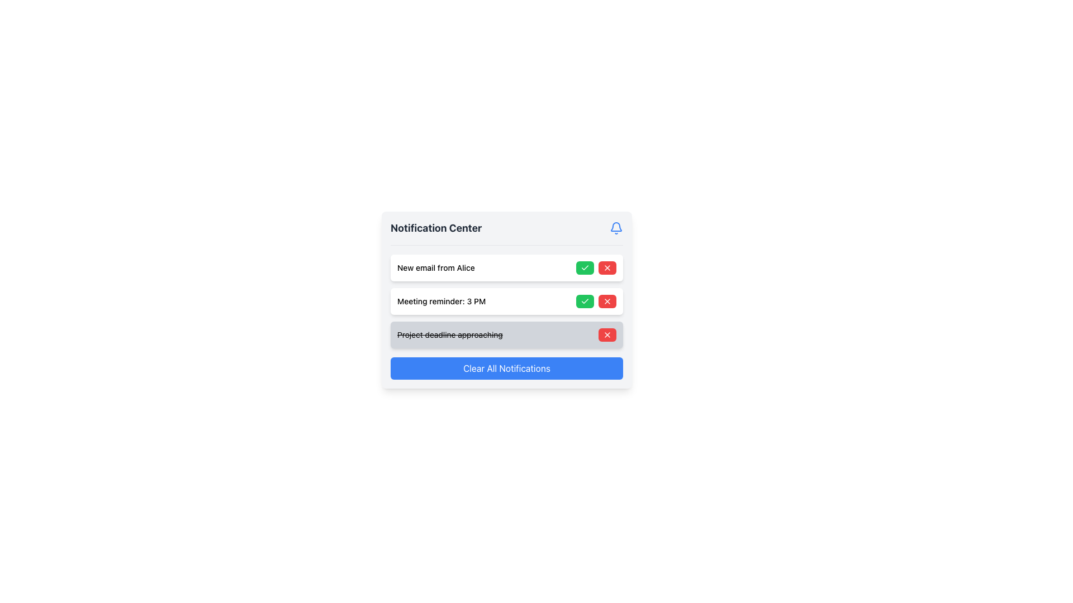 This screenshot has width=1073, height=603. I want to click on the small red button with a white 'X' icon for closing or deleting, located in the notification row that reads 'Project deadline approaching.', so click(606, 334).